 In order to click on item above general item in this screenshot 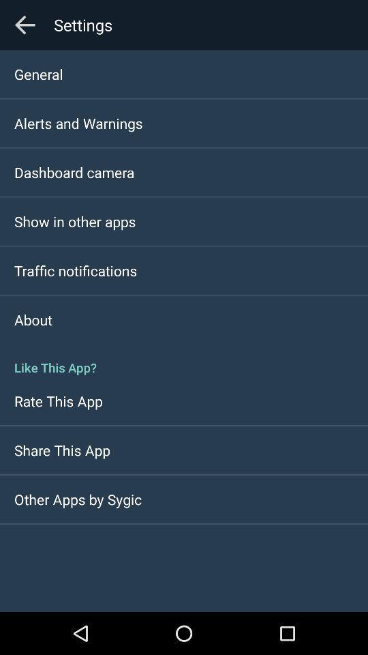, I will do `click(25, 24)`.